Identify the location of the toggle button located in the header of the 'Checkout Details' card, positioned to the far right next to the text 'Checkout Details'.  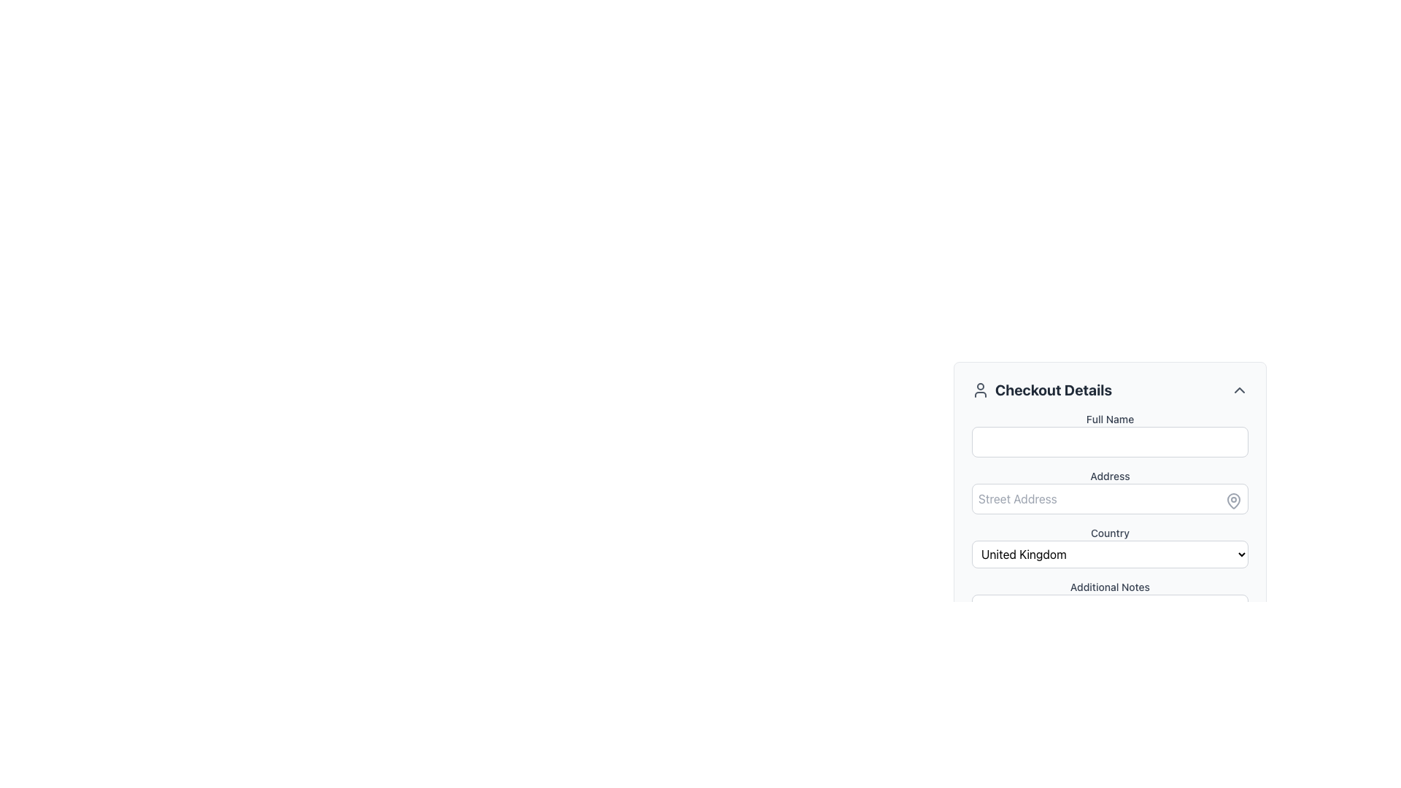
(1239, 390).